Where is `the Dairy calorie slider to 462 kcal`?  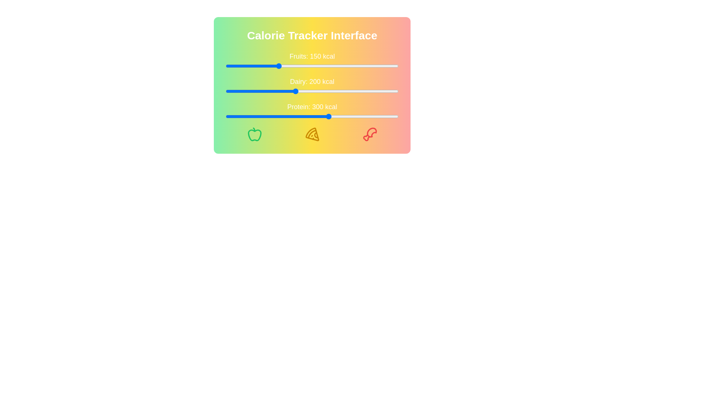
the Dairy calorie slider to 462 kcal is located at coordinates (385, 91).